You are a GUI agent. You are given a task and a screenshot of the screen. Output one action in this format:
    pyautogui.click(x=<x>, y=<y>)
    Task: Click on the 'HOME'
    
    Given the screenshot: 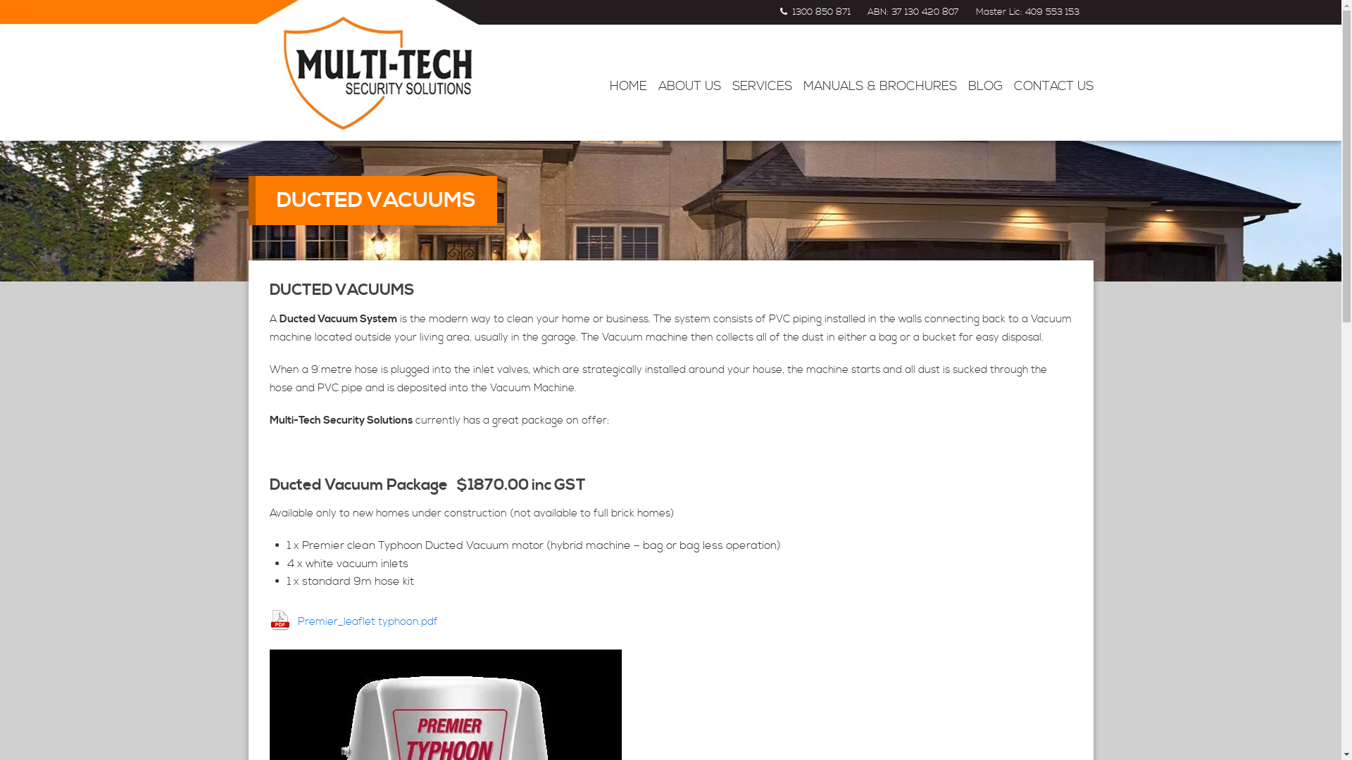 What is the action you would take?
    pyautogui.click(x=627, y=86)
    